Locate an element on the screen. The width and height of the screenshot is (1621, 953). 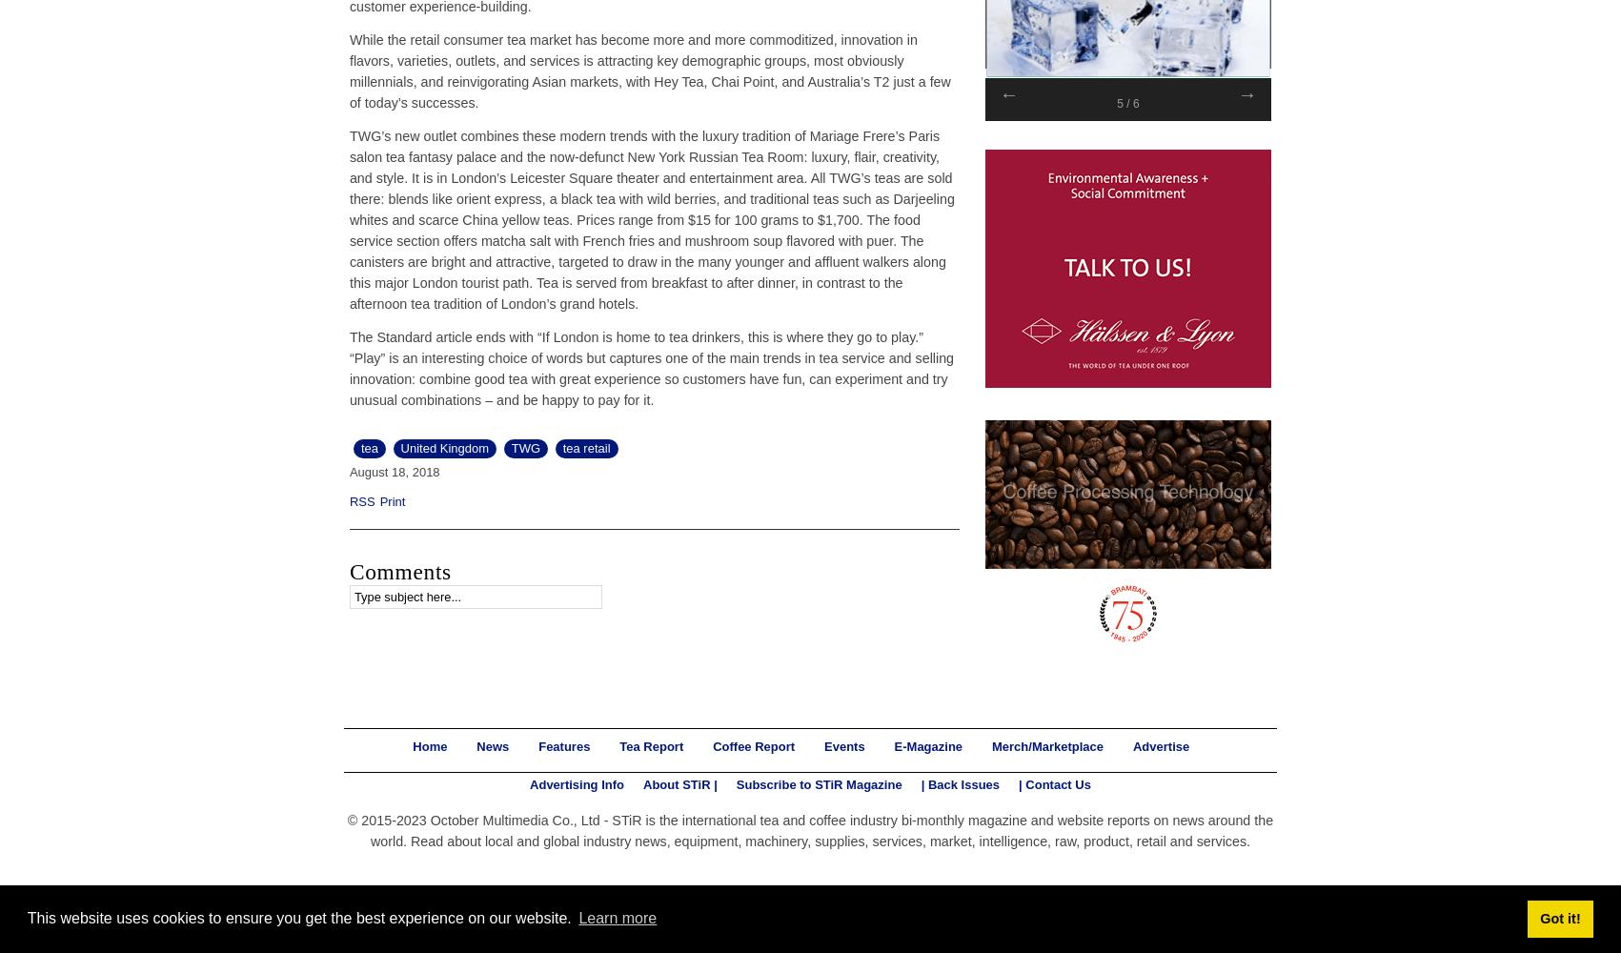
'Coffee Report' is located at coordinates (712, 745).